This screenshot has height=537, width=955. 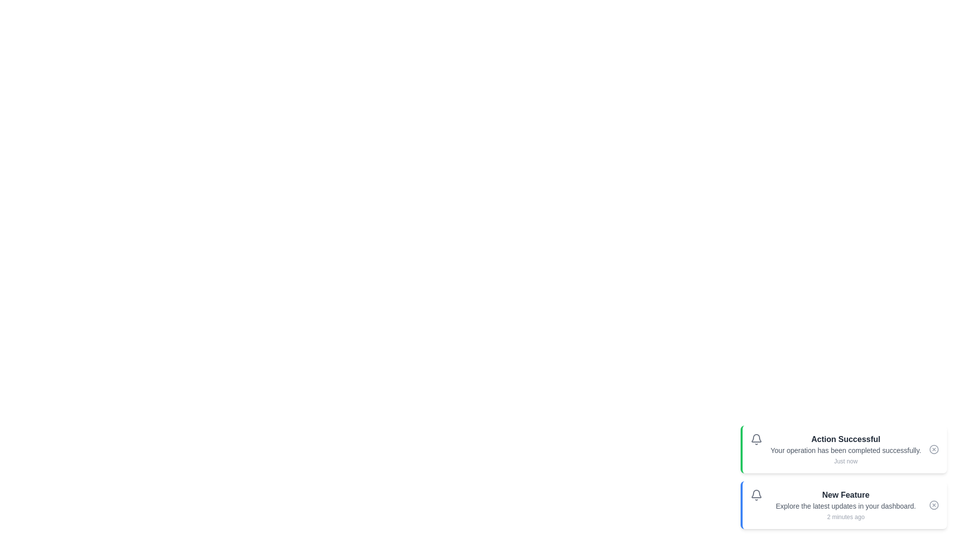 I want to click on the timestamp text label located at the bottom of the second notification card, which indicates when the notification was generated, so click(x=845, y=517).